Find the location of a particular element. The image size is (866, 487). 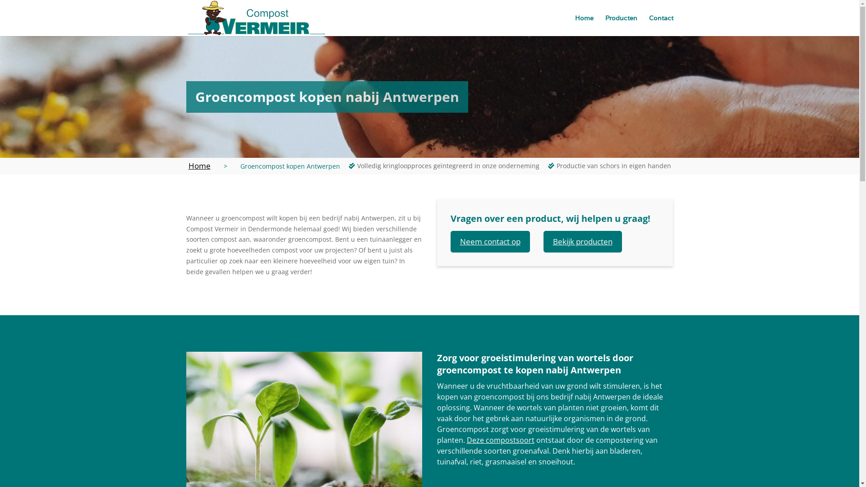

'Neem contact op' is located at coordinates (489, 241).